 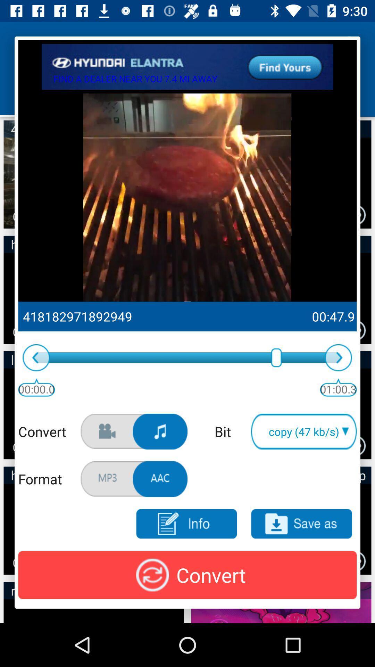 What do you see at coordinates (186, 524) in the screenshot?
I see `get info` at bounding box center [186, 524].